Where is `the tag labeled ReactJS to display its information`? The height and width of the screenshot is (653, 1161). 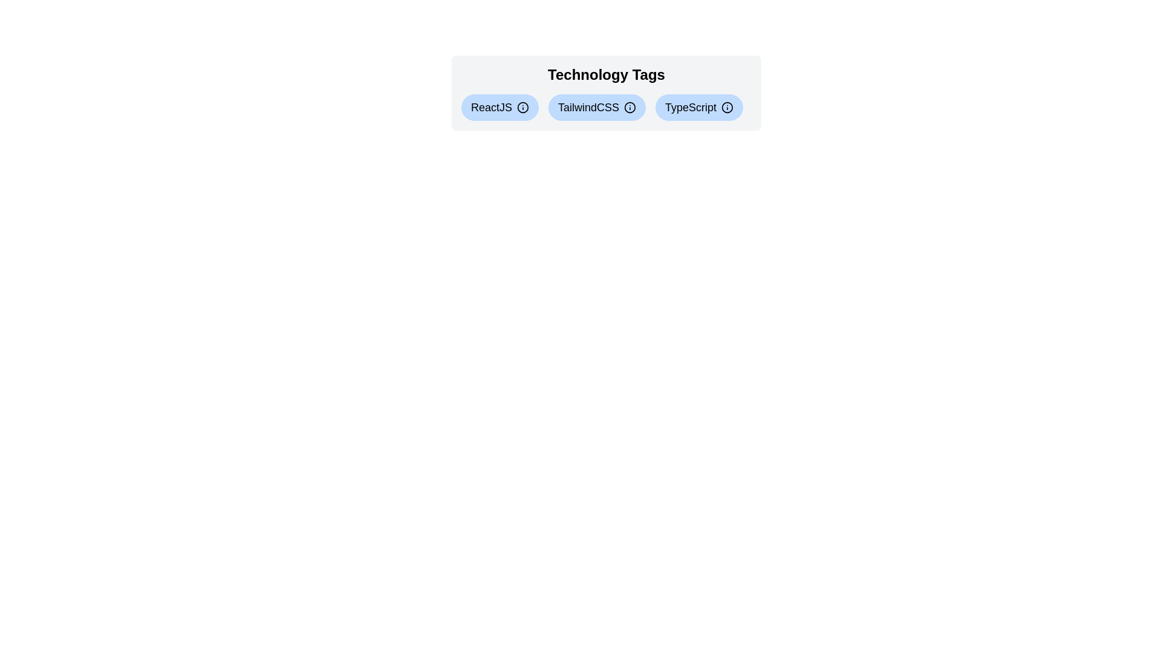 the tag labeled ReactJS to display its information is located at coordinates (499, 106).